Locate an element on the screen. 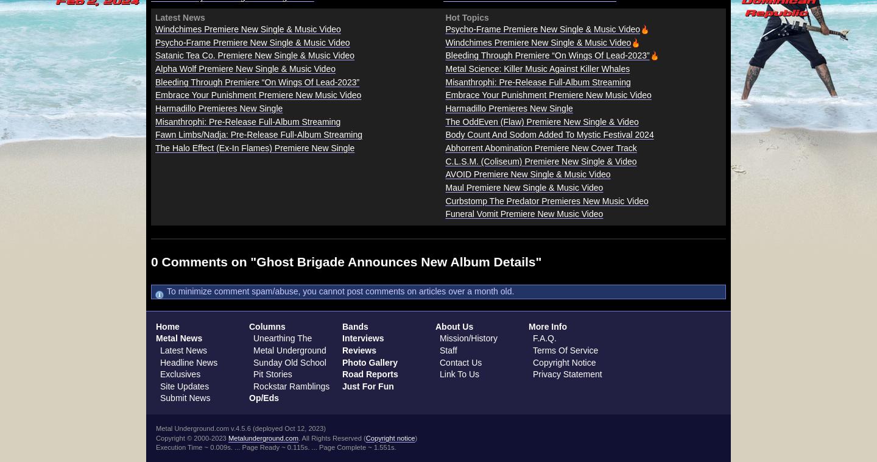 The width and height of the screenshot is (877, 462). 'C.L.S.M. (Coliseum) Premiere New Single & Video' is located at coordinates (540, 161).